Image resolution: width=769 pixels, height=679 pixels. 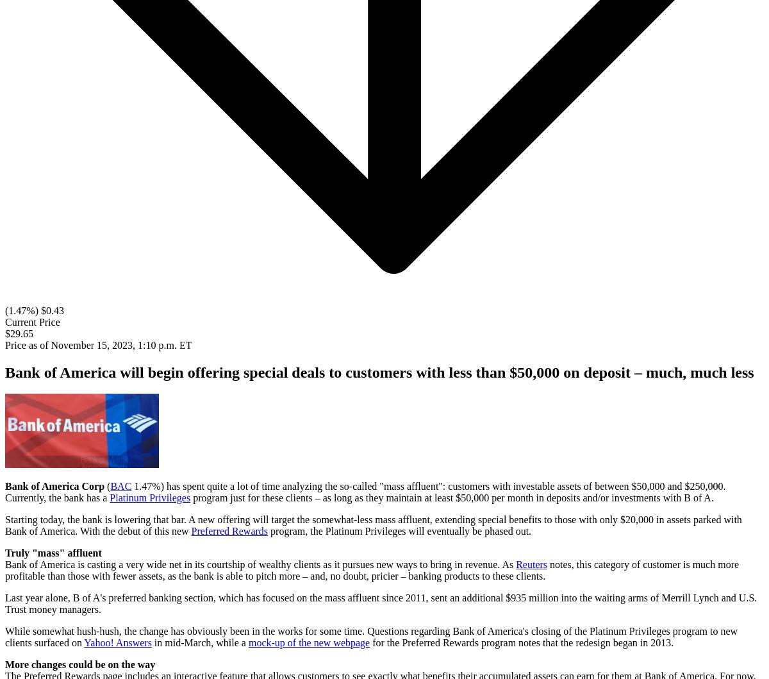 I want to click on 'Price as of November 15, 2023, 1:10 p.m. ET', so click(x=97, y=344).